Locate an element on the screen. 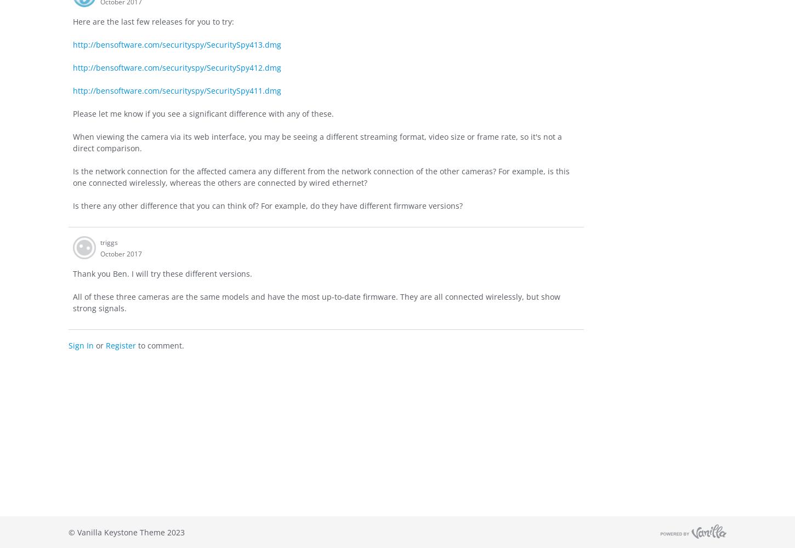 This screenshot has height=548, width=795. 'triggs' is located at coordinates (108, 241).